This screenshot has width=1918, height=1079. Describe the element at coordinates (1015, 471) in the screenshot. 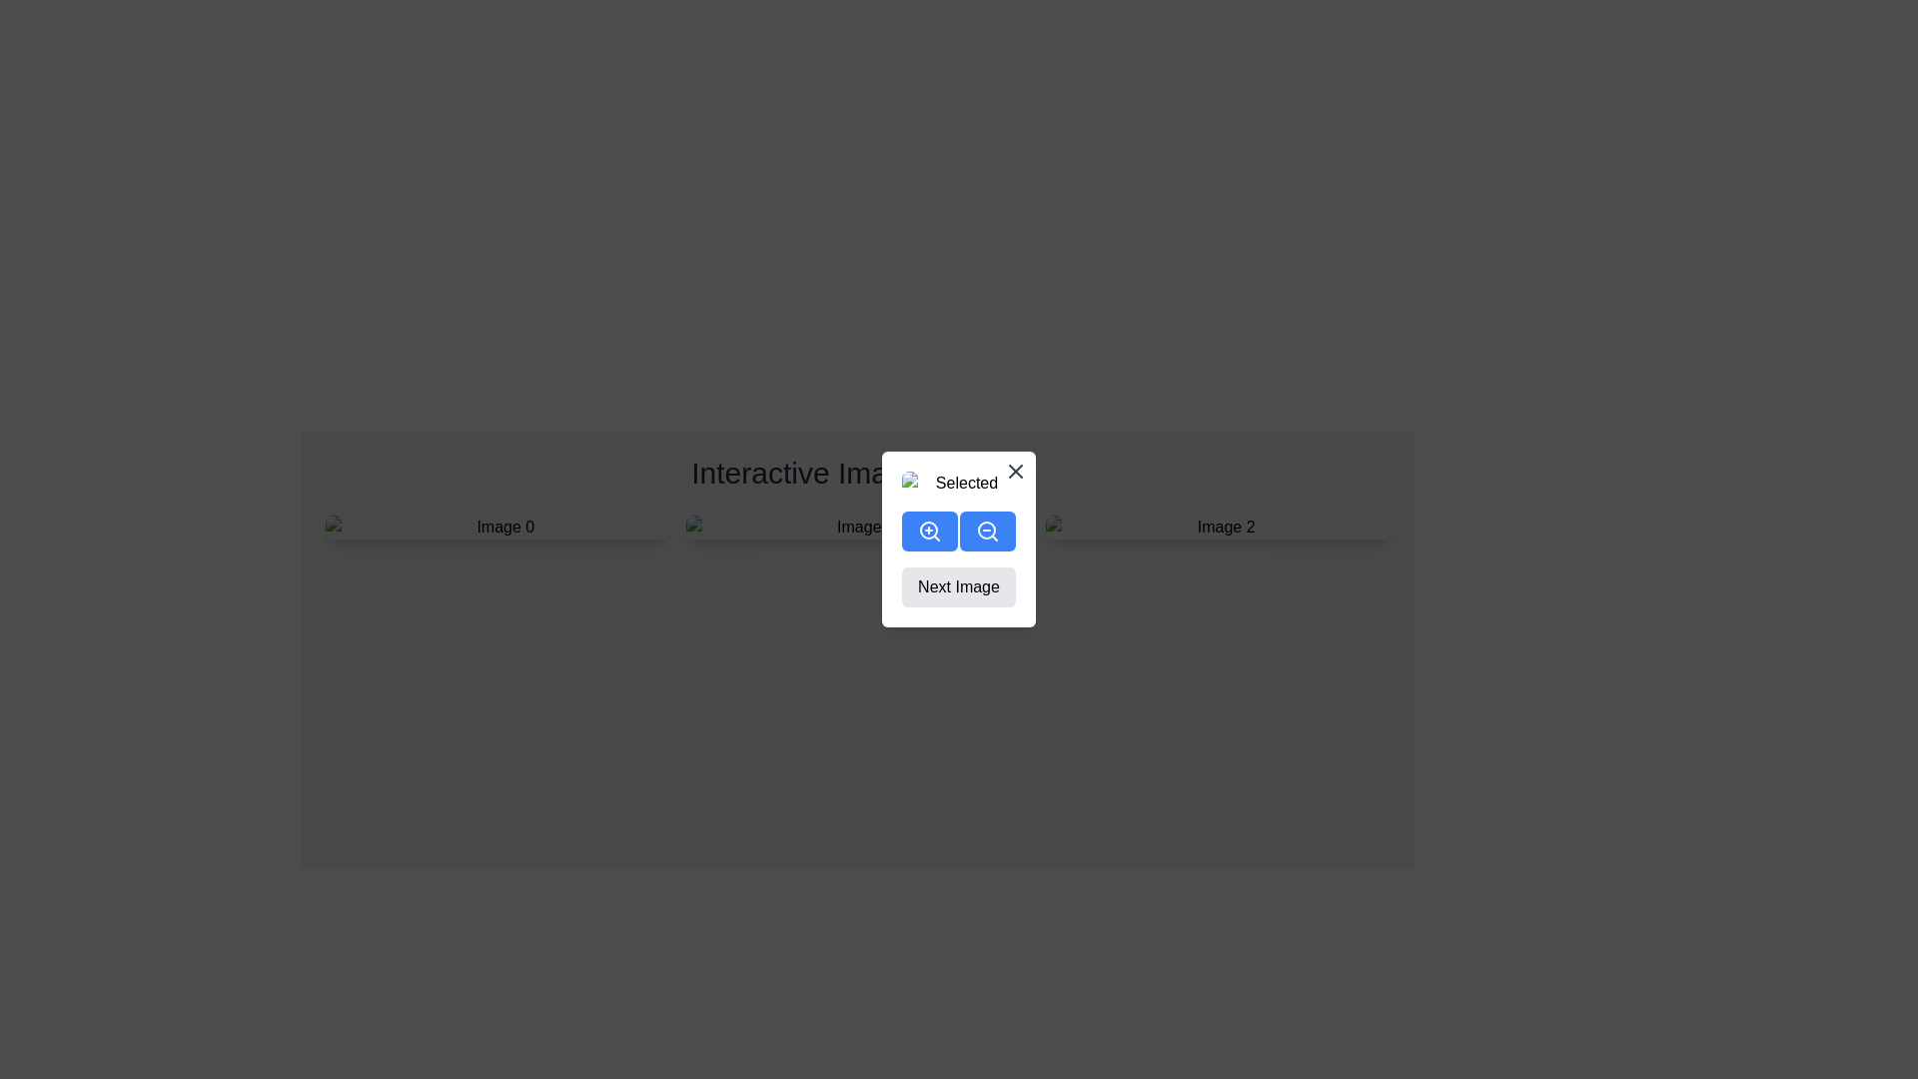

I see `the circular close button with an 'X' icon located at the upper-right corner of the white modal box` at that location.